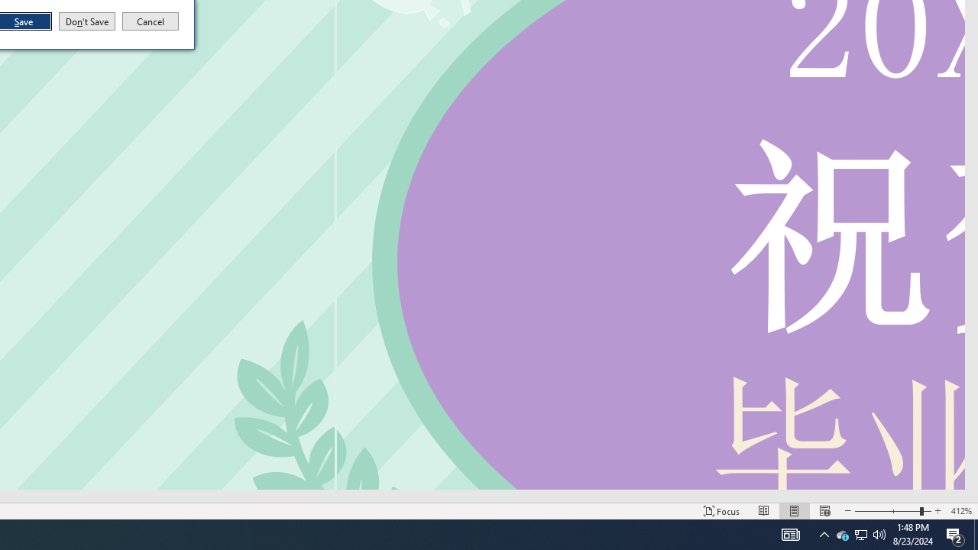  Describe the element at coordinates (151, 21) in the screenshot. I see `'Cancel'` at that location.